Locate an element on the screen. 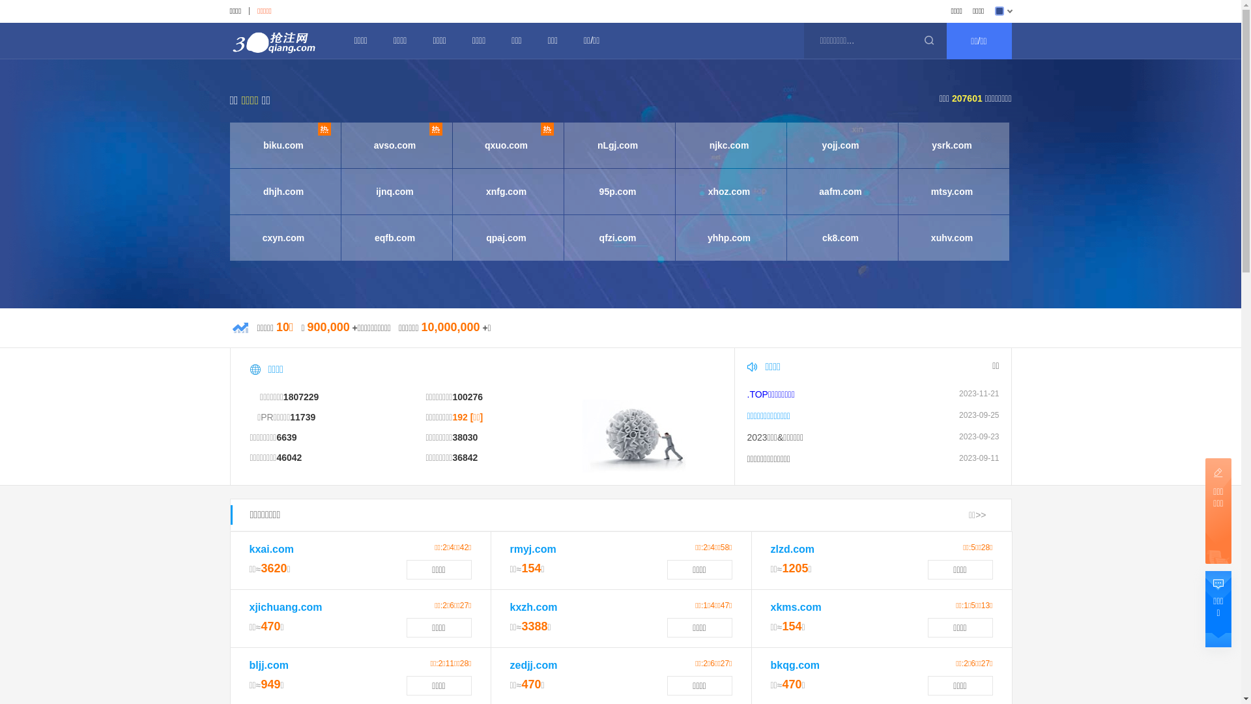 This screenshot has width=1251, height=704. 'yojj.com' is located at coordinates (841, 145).